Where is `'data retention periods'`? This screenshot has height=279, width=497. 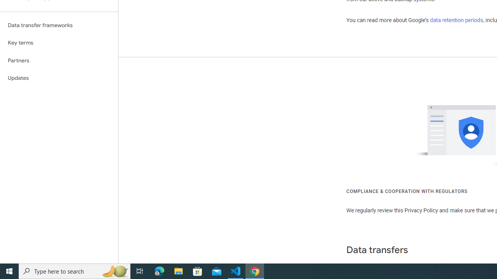
'data retention periods' is located at coordinates (457, 20).